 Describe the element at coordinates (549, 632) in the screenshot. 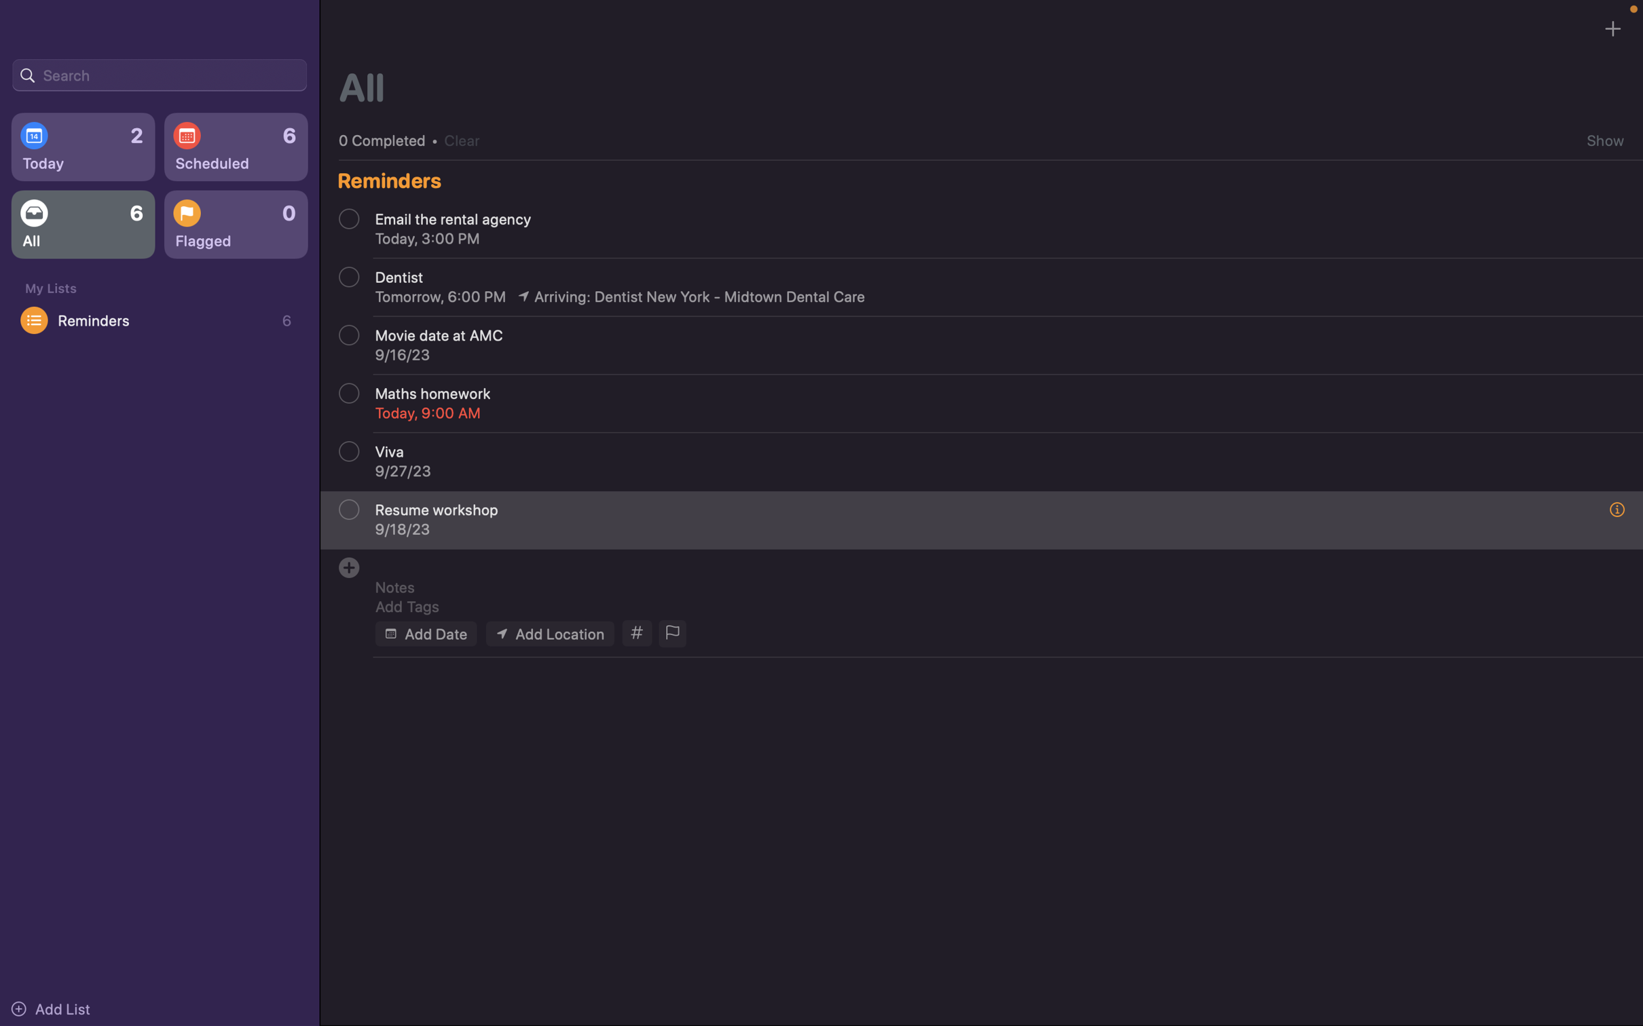

I see `Enter the location for the event as "Carnegie Mellon University"` at that location.